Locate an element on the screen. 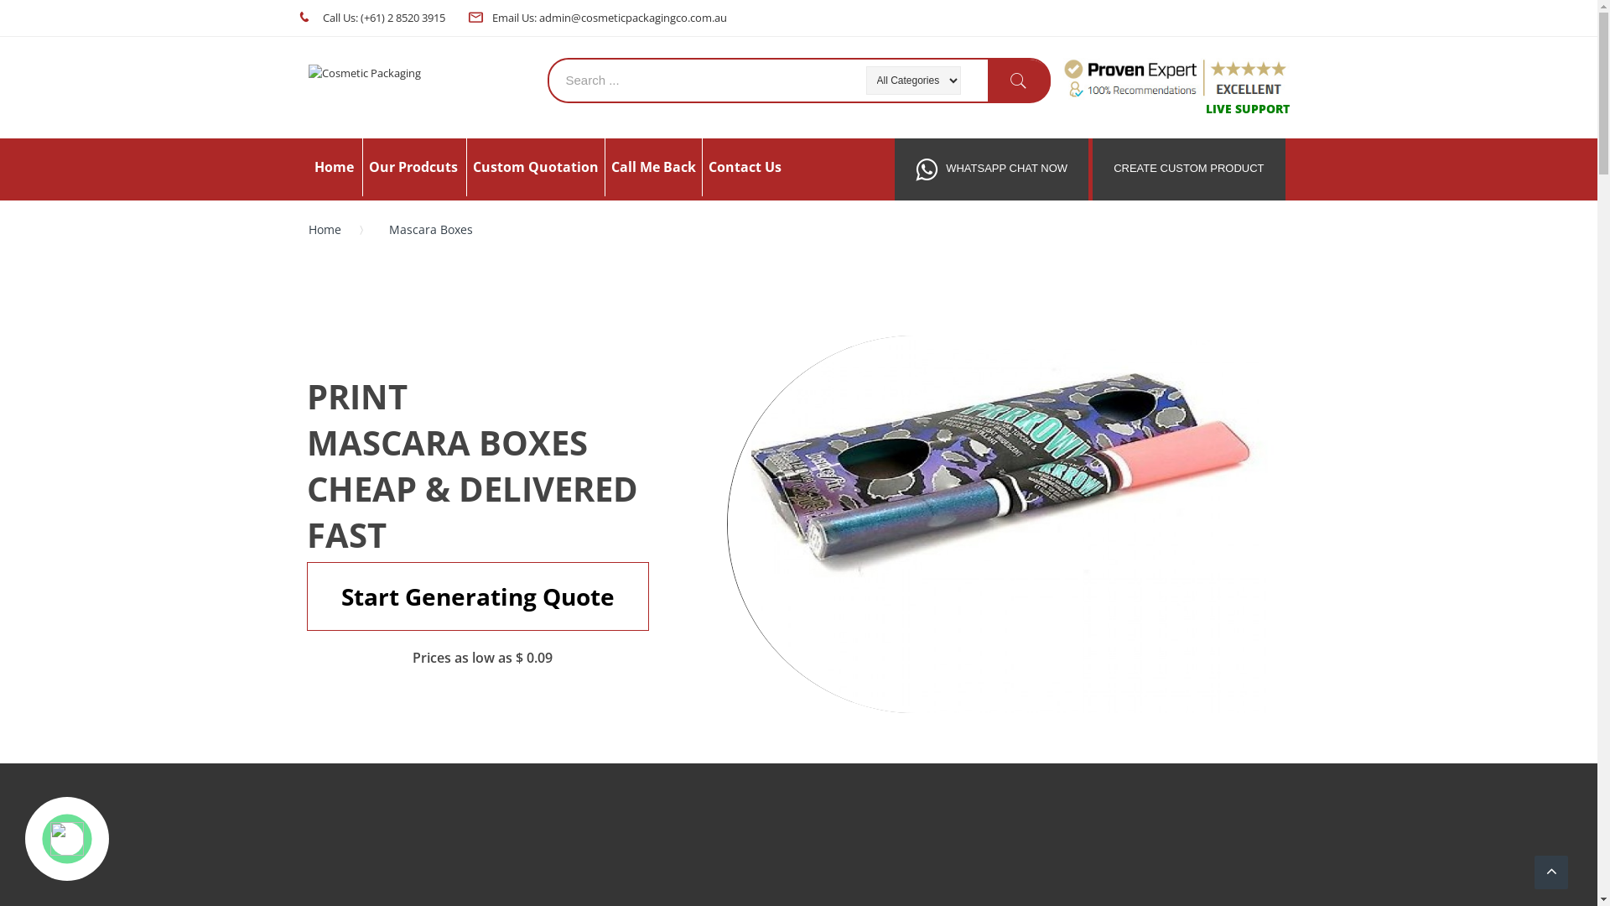  'Start Generating Quote' is located at coordinates (477, 595).